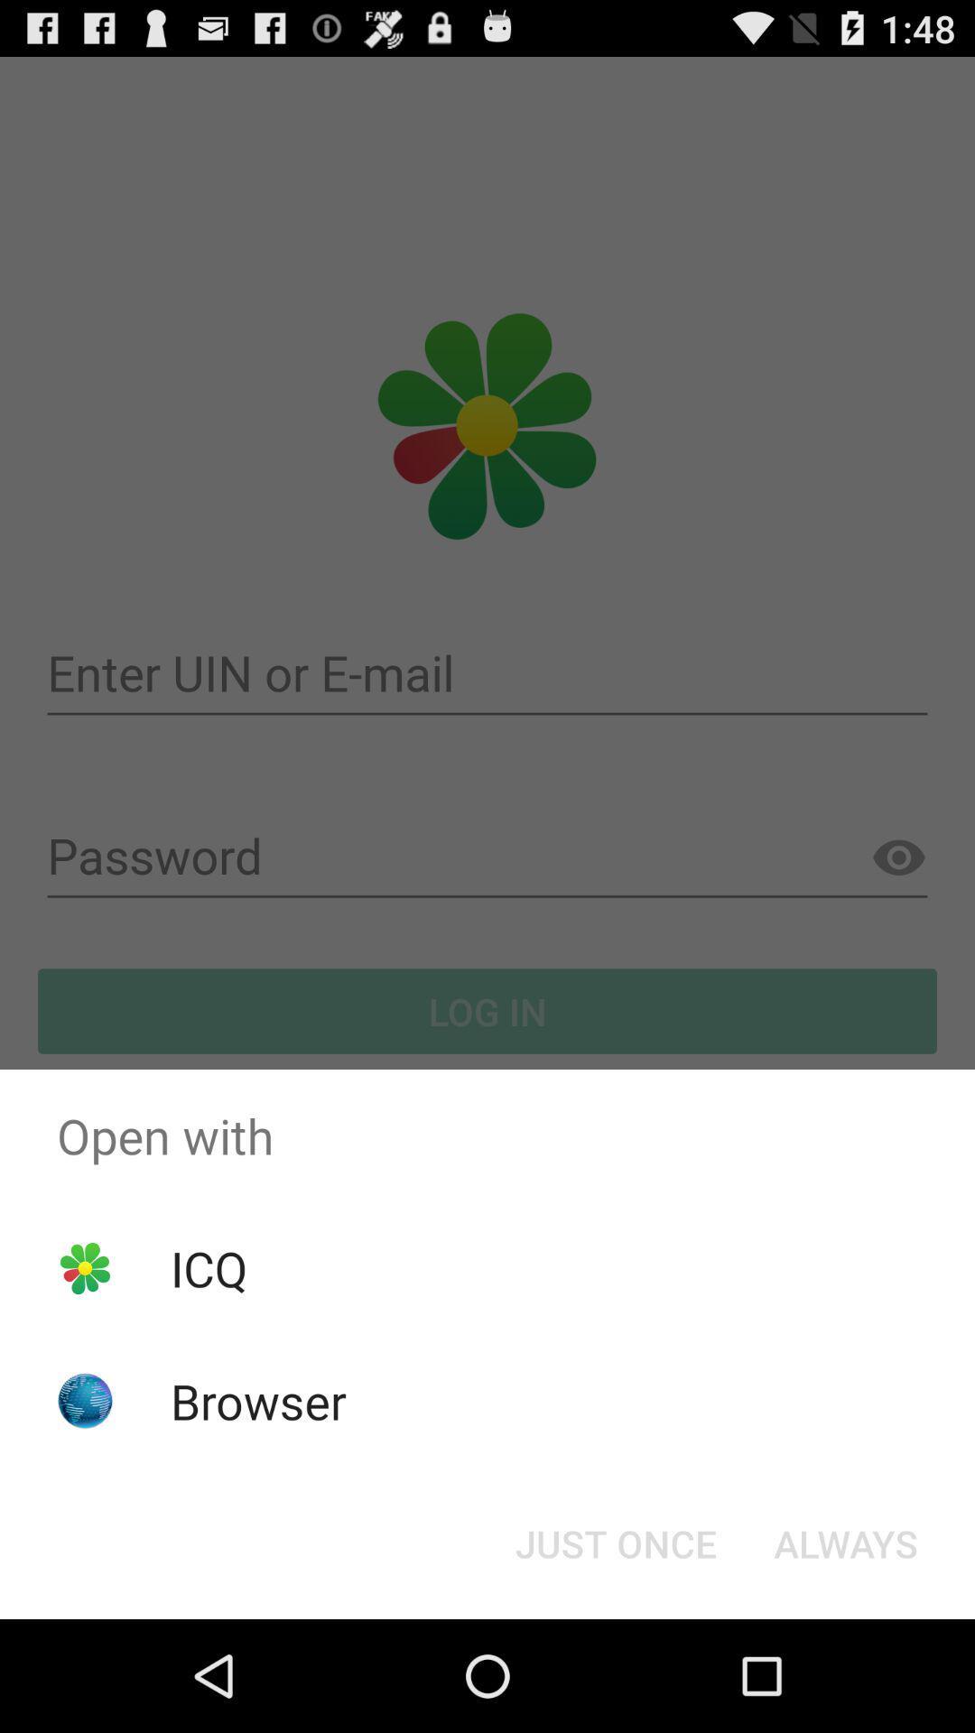 Image resolution: width=975 pixels, height=1733 pixels. What do you see at coordinates (846, 1542) in the screenshot?
I see `the app below the open with` at bounding box center [846, 1542].